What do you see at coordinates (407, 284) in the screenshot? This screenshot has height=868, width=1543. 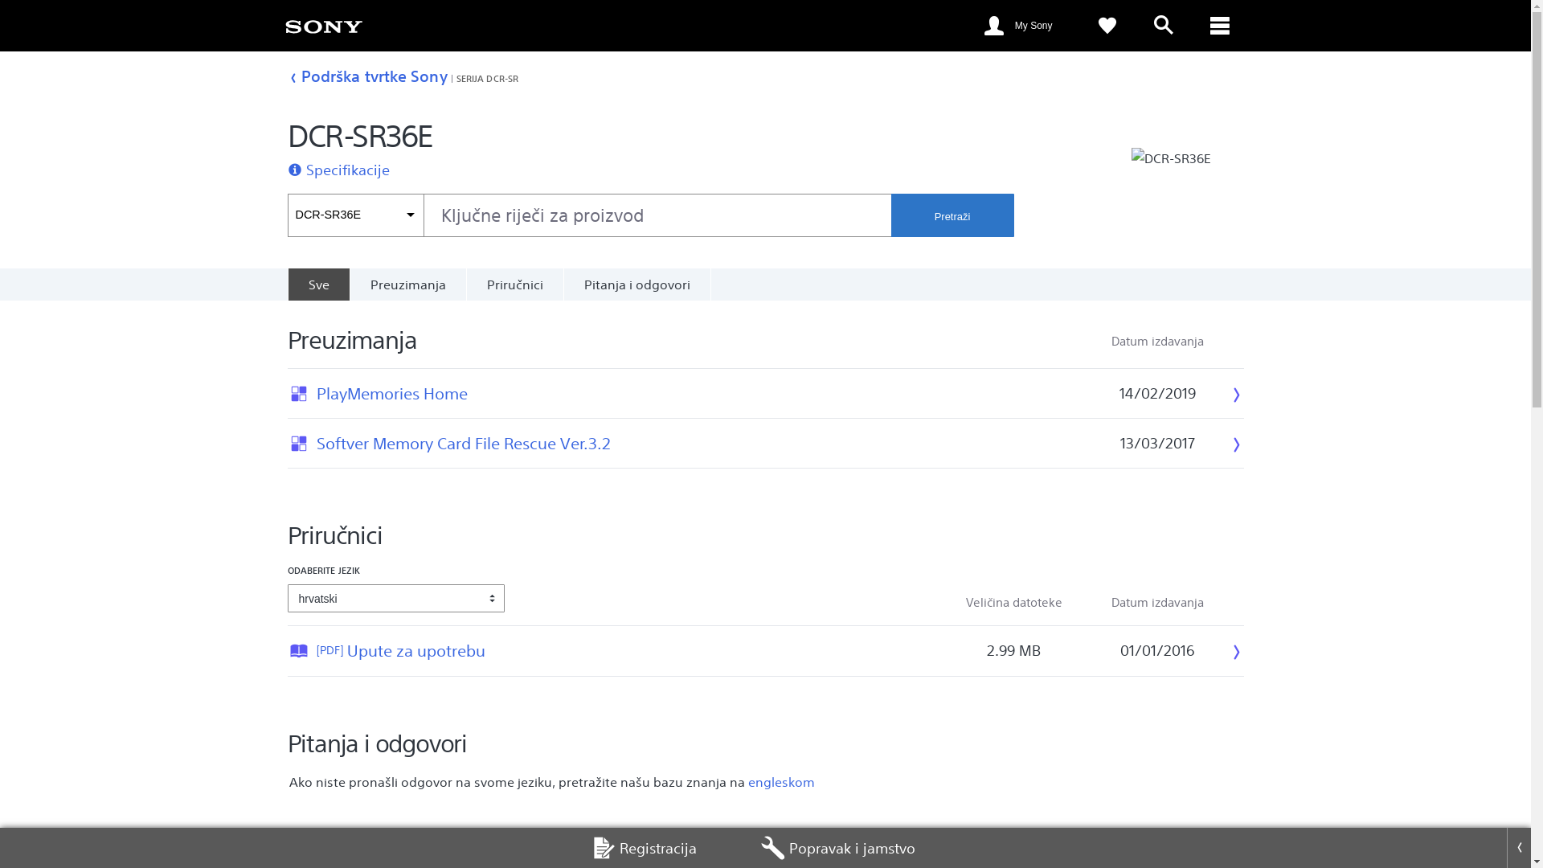 I see `'Preuzimanja'` at bounding box center [407, 284].